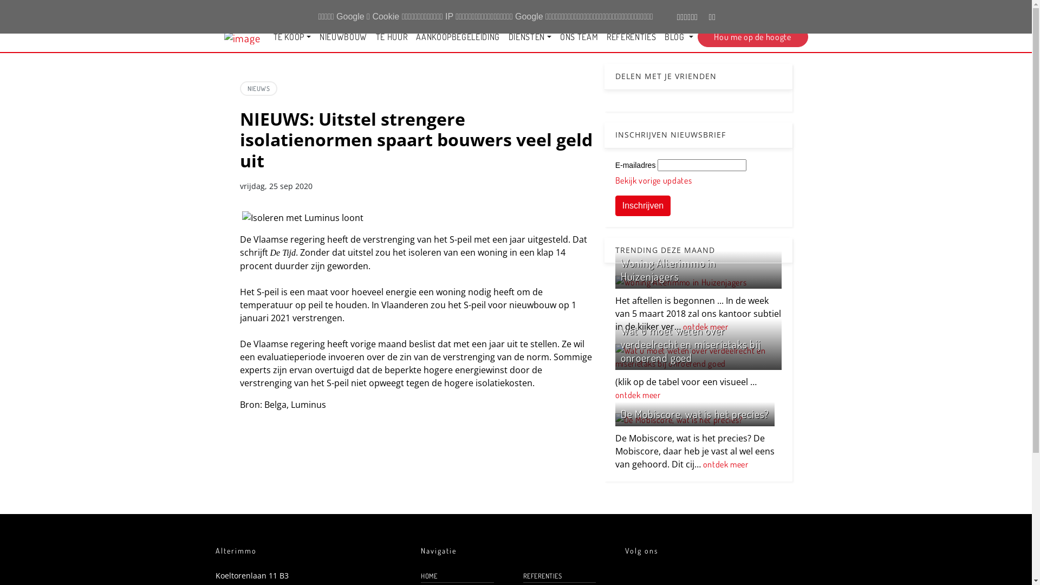 Image resolution: width=1040 pixels, height=585 pixels. What do you see at coordinates (638, 395) in the screenshot?
I see `'ontdek meer'` at bounding box center [638, 395].